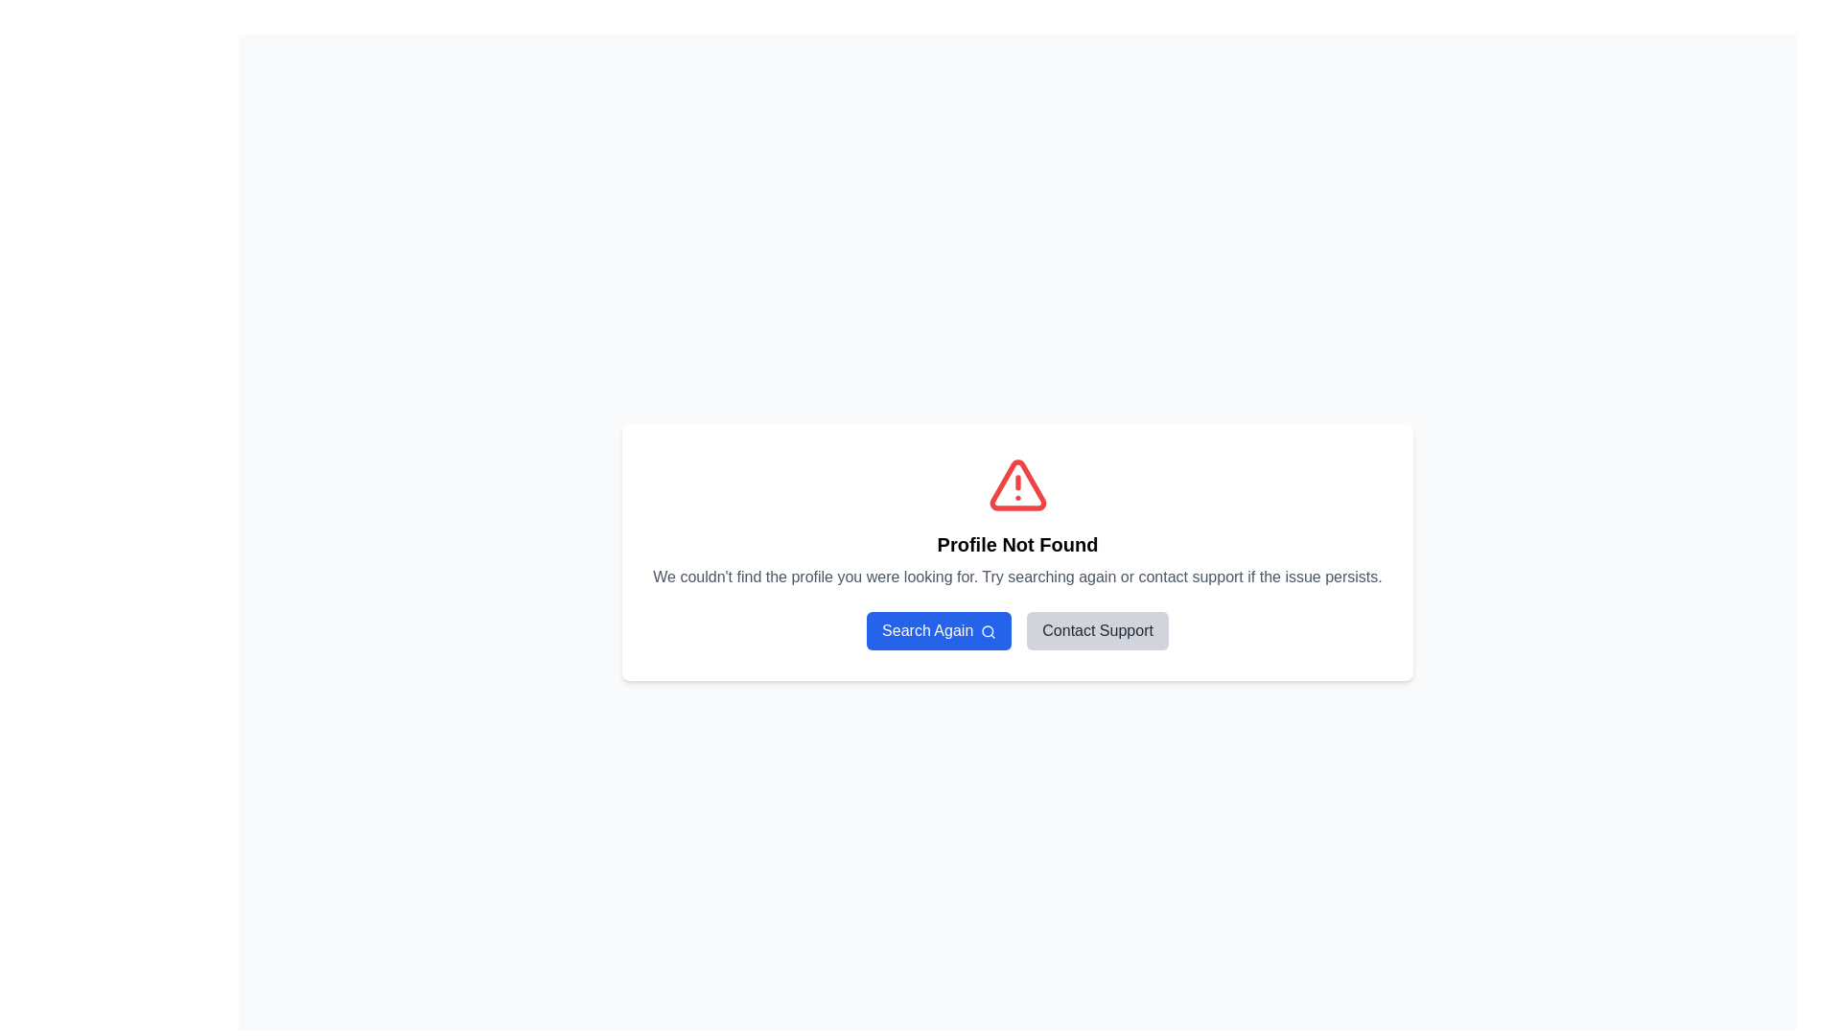 The width and height of the screenshot is (1841, 1036). Describe the element at coordinates (1098, 631) in the screenshot. I see `the 'Contact Support' button with rounded corners and a light gray background` at that location.